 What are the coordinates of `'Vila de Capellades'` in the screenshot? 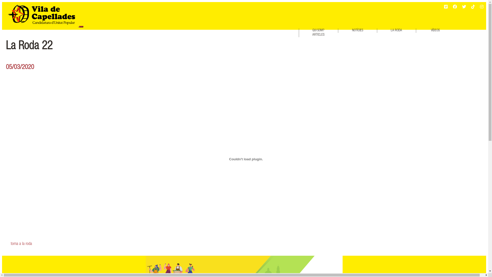 It's located at (42, 14).